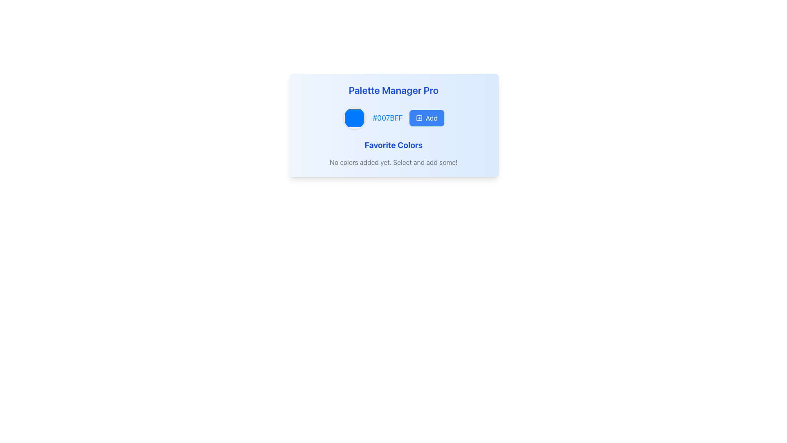  Describe the element at coordinates (393, 162) in the screenshot. I see `the textual instruction that reads 'No colors added yet. Select and add some!', which is displayed in light-gray color below the heading 'Favorite Colors'` at that location.